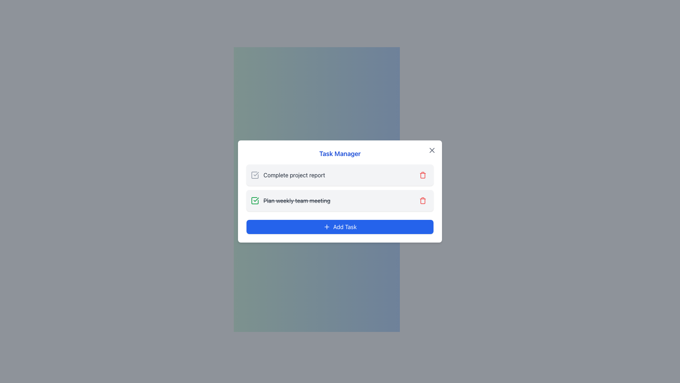 This screenshot has width=680, height=383. Describe the element at coordinates (294, 175) in the screenshot. I see `the text label that indicates the task description 'Complete project report' to associate it with its task` at that location.